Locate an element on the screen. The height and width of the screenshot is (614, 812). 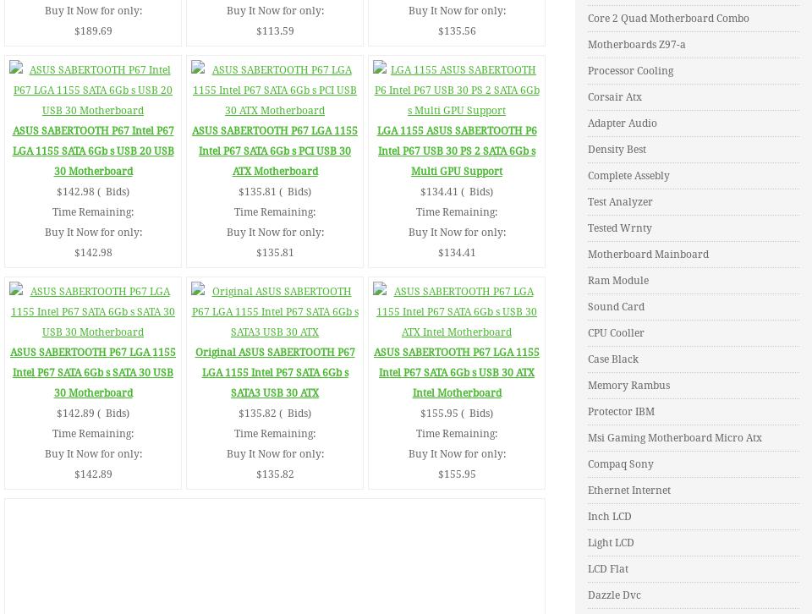
'$134.41 (  Bids)' is located at coordinates (456, 191).